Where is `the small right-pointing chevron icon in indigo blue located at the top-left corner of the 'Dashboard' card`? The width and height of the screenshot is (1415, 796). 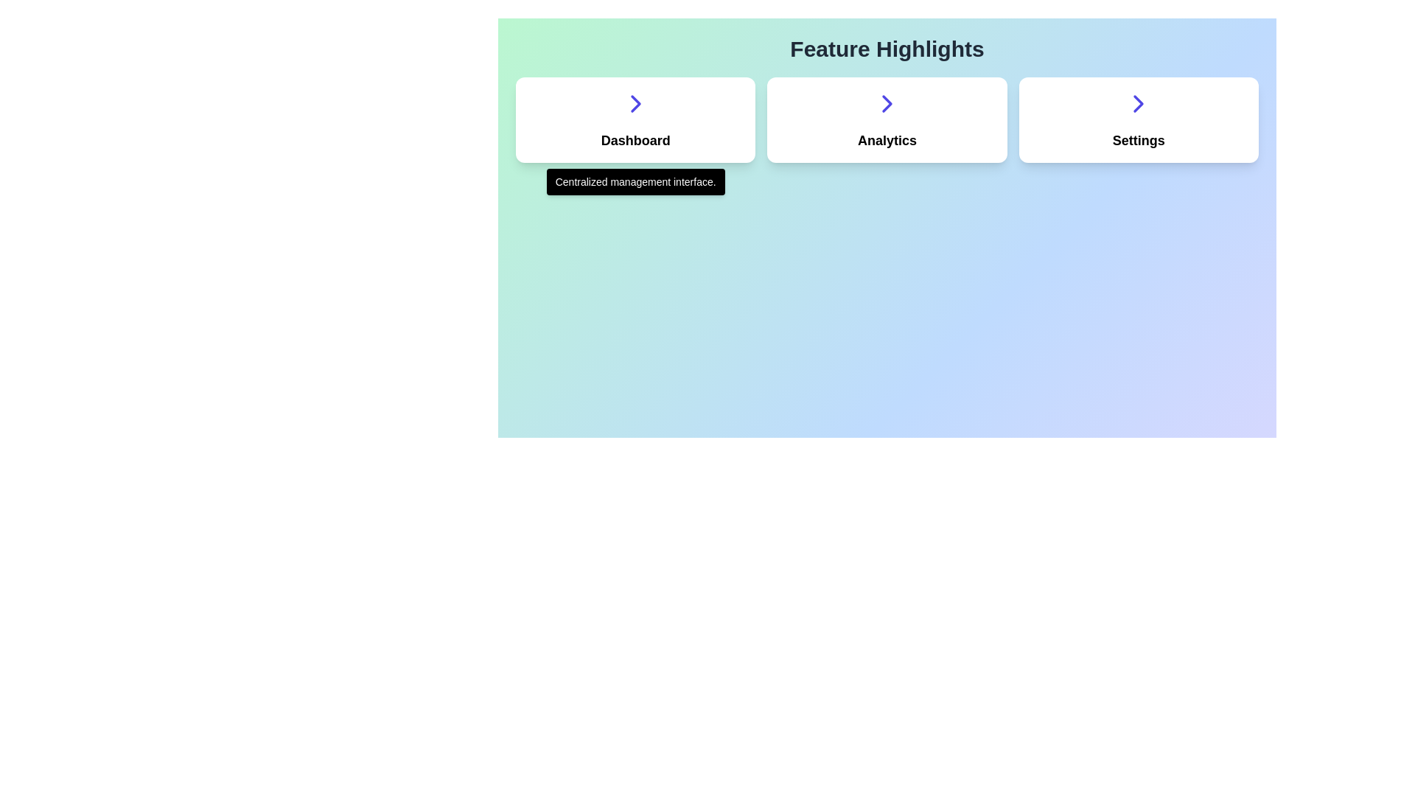
the small right-pointing chevron icon in indigo blue located at the top-left corner of the 'Dashboard' card is located at coordinates (635, 103).